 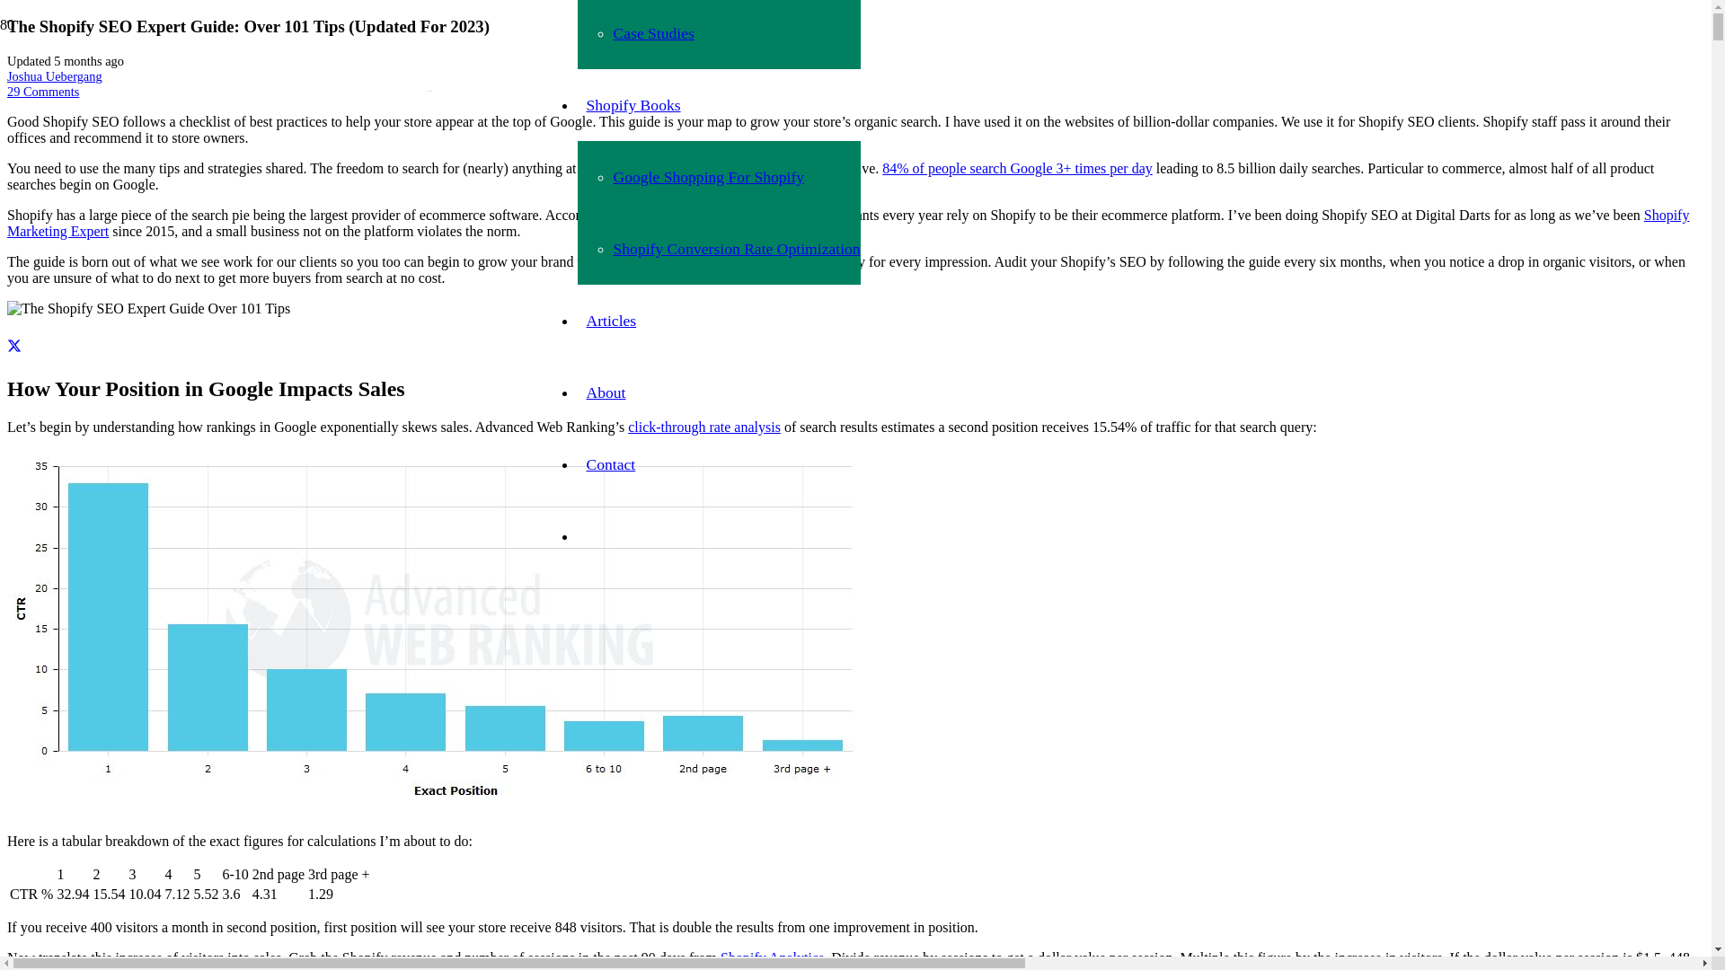 What do you see at coordinates (13, 346) in the screenshot?
I see `'Tweet this'` at bounding box center [13, 346].